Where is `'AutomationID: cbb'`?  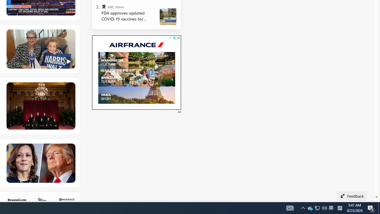 'AutomationID: cbb' is located at coordinates (178, 38).